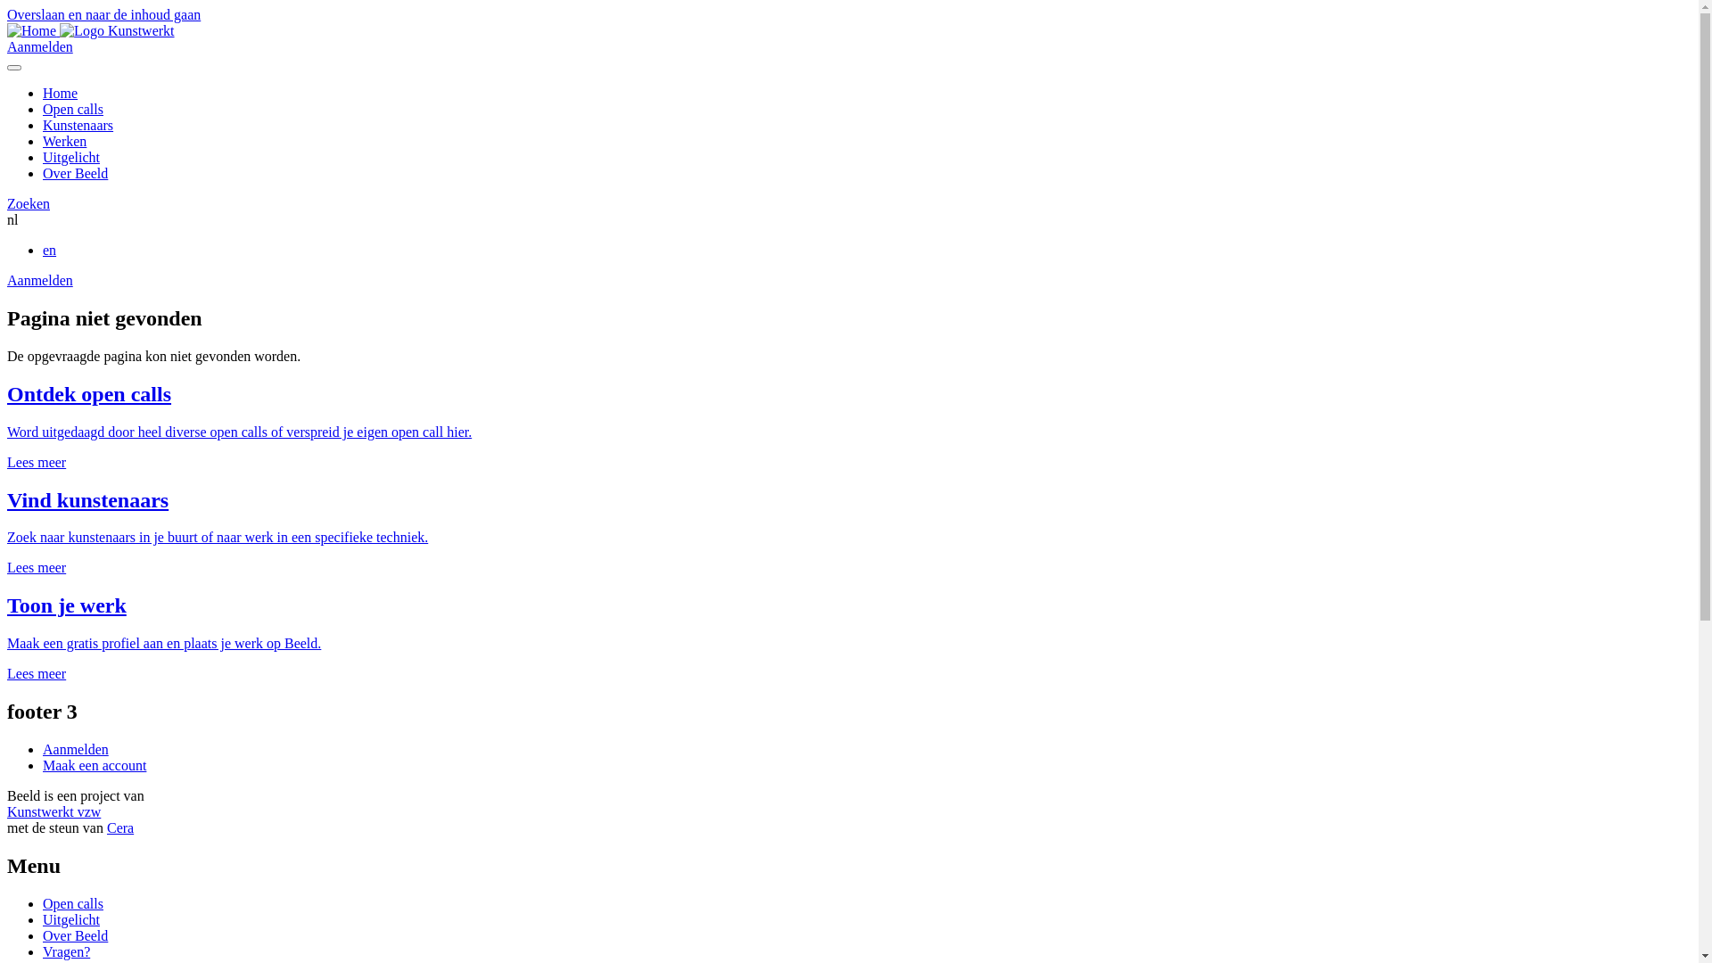  Describe the element at coordinates (33, 30) in the screenshot. I see `'Home'` at that location.